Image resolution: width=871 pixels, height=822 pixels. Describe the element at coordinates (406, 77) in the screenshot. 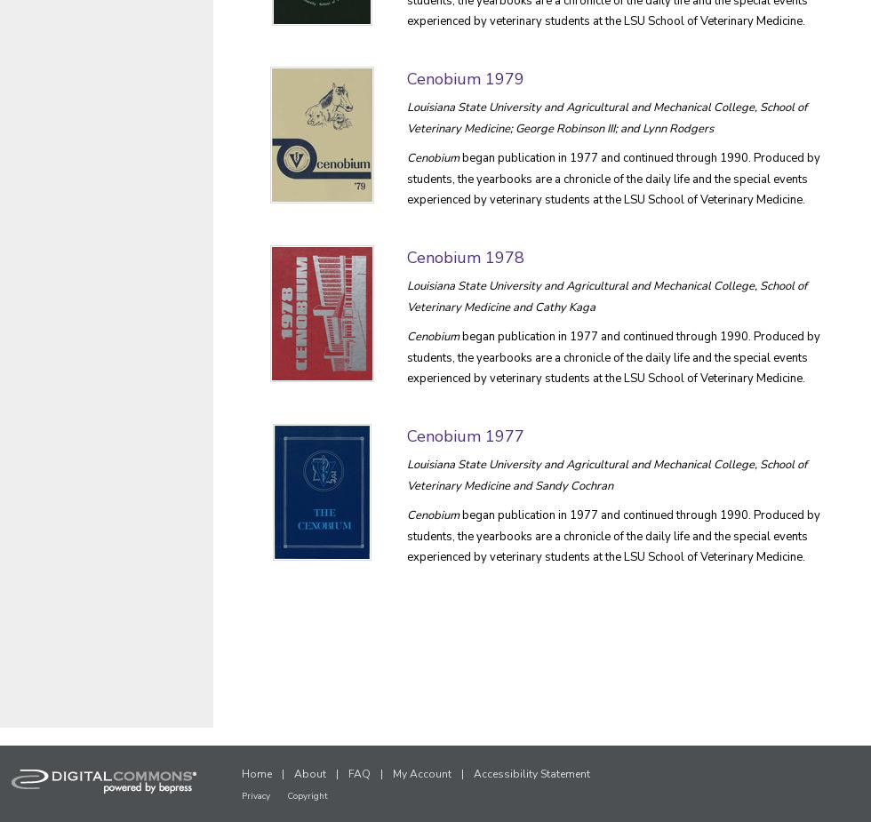

I see `'Cenobium 1979'` at that location.